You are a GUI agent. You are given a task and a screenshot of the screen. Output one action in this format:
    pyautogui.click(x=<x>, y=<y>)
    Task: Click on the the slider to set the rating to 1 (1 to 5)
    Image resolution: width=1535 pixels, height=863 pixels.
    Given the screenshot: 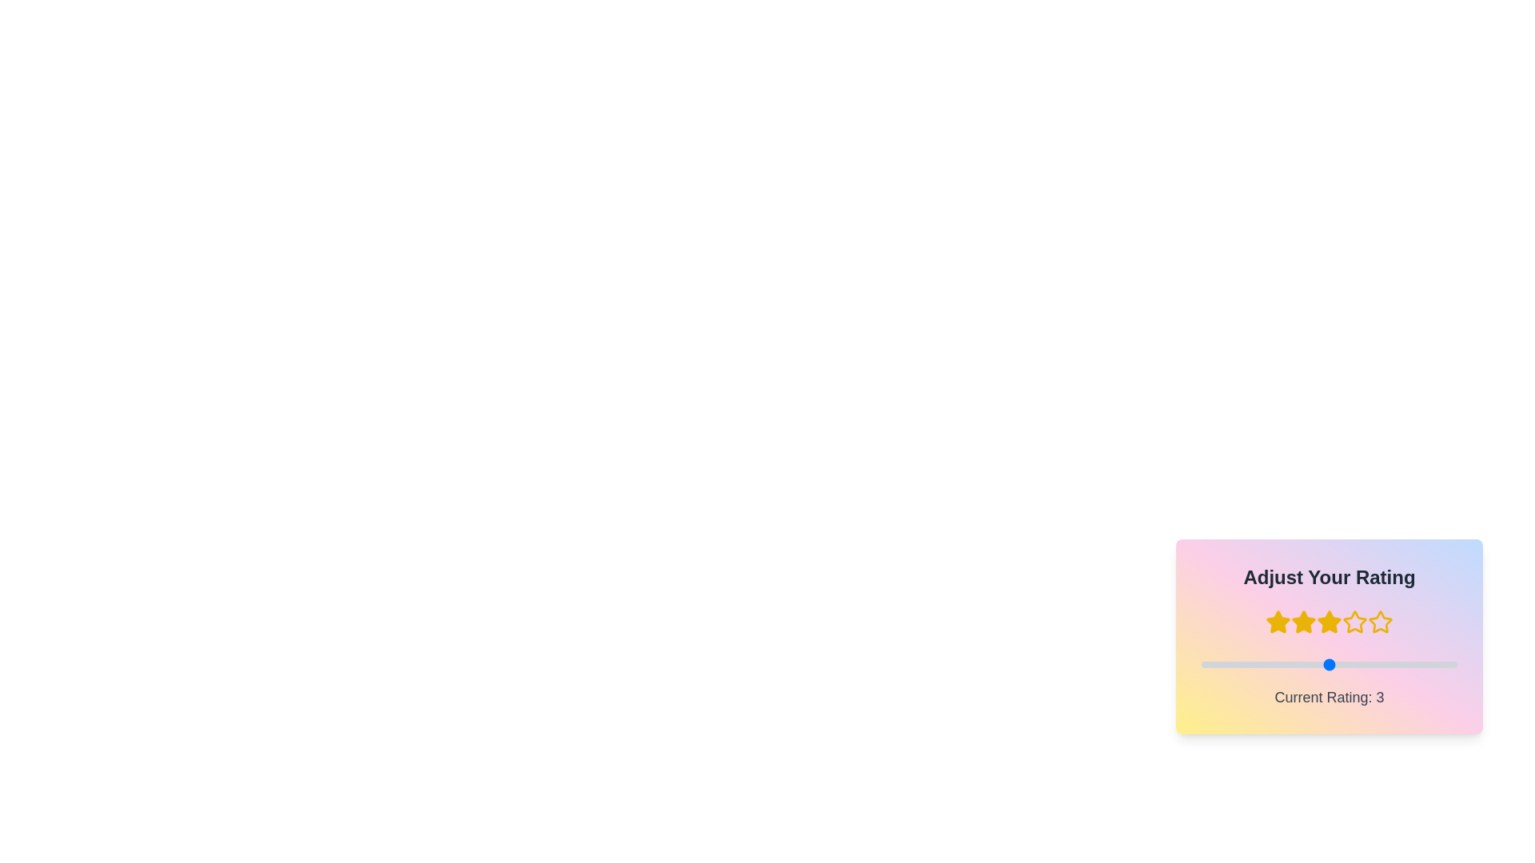 What is the action you would take?
    pyautogui.click(x=1201, y=665)
    